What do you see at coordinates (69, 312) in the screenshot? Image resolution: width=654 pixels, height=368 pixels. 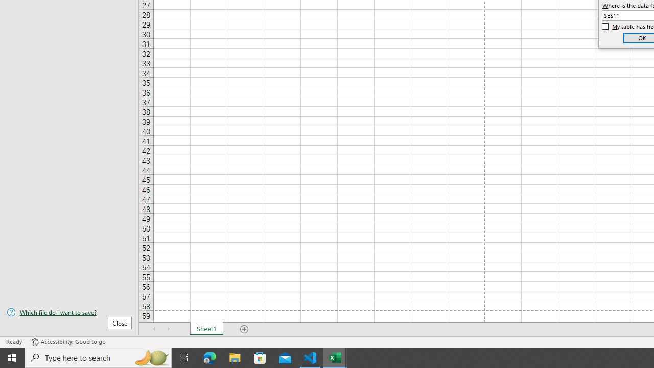 I see `'Which file do I want to save?'` at bounding box center [69, 312].